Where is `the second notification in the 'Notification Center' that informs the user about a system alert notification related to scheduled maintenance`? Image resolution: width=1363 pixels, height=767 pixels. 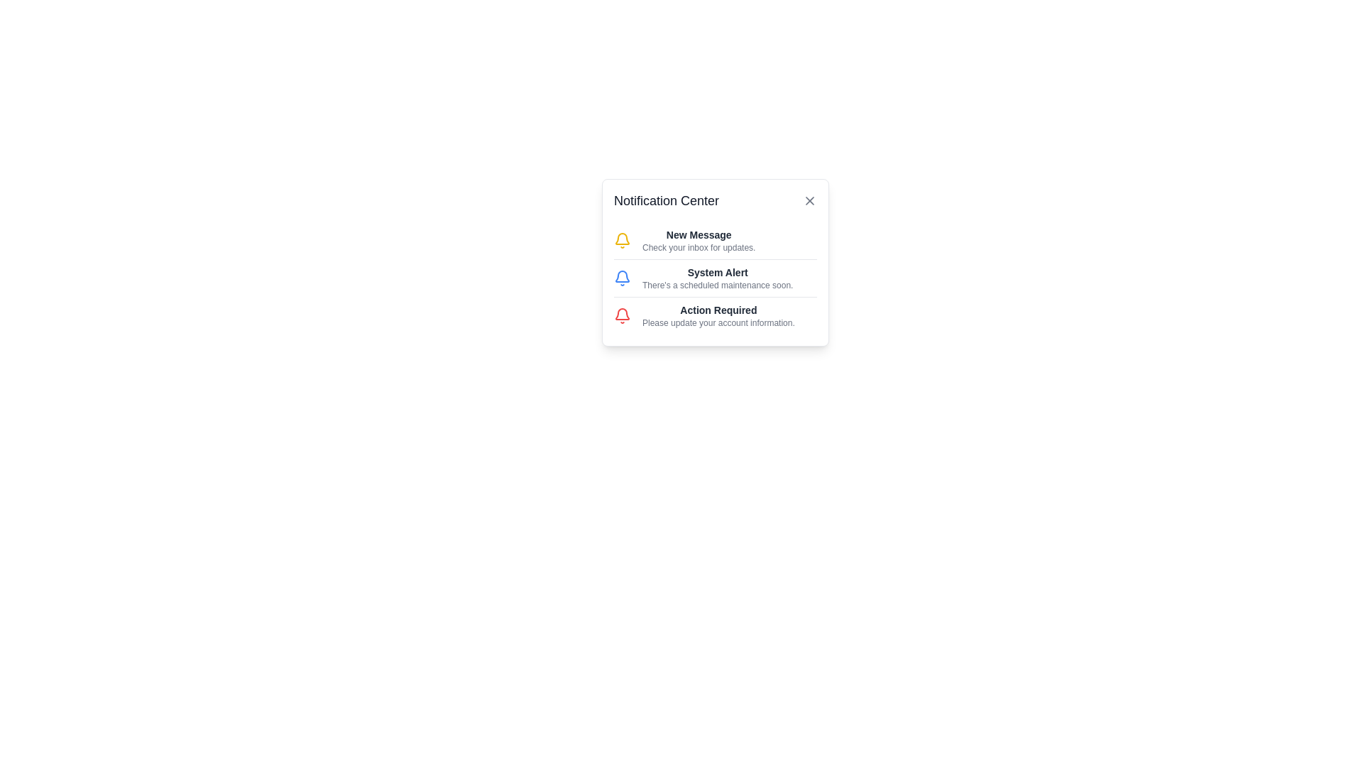 the second notification in the 'Notification Center' that informs the user about a system alert notification related to scheduled maintenance is located at coordinates (716, 278).